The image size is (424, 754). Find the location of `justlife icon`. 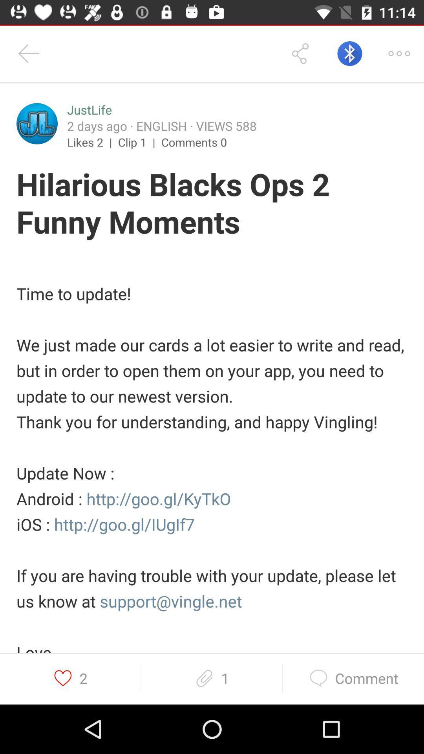

justlife icon is located at coordinates (89, 110).